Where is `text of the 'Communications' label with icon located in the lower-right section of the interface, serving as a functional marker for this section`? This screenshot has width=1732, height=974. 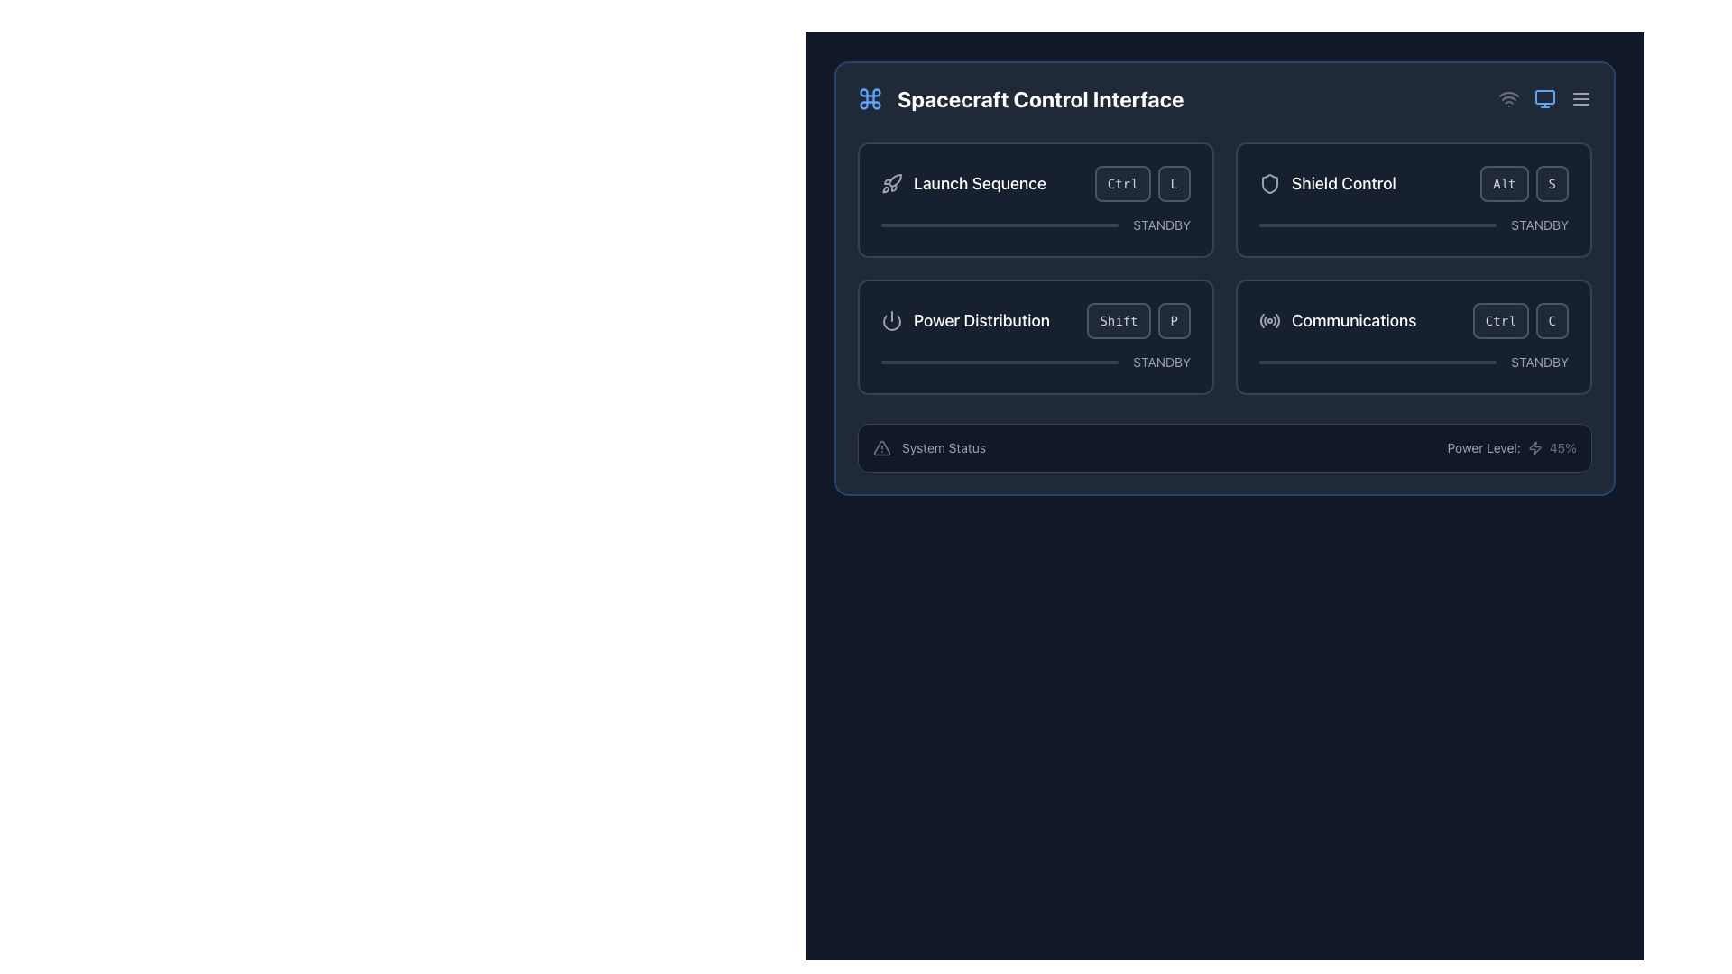 text of the 'Communications' label with icon located in the lower-right section of the interface, serving as a functional marker for this section is located at coordinates (1338, 319).